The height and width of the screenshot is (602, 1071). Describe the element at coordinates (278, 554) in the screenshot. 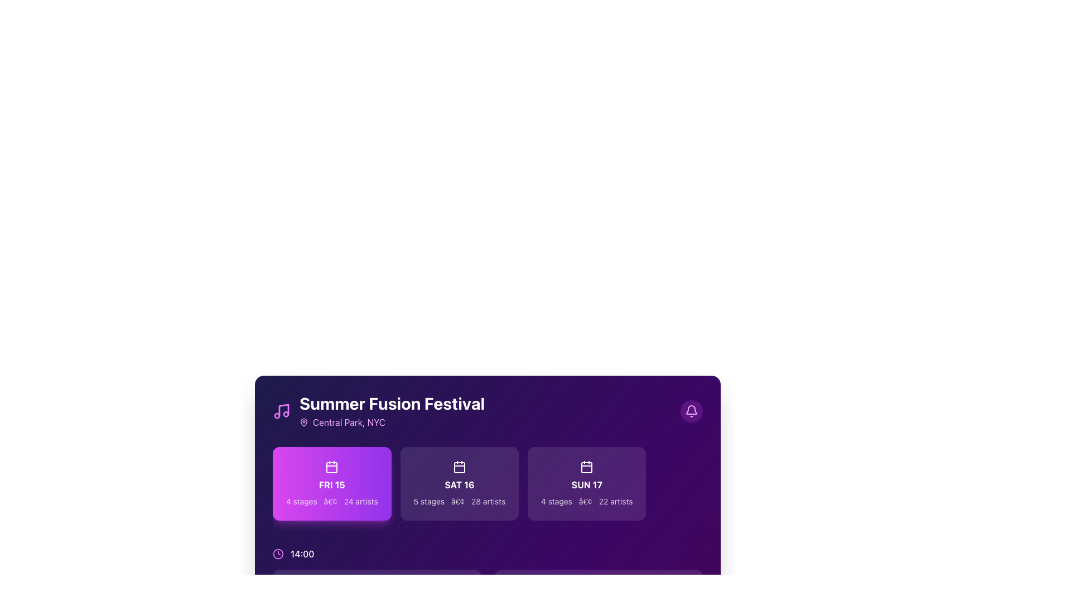

I see `the SVG Circle element that serves as the outer rim of the clock icon, located above the '14:00' timestamp` at that location.